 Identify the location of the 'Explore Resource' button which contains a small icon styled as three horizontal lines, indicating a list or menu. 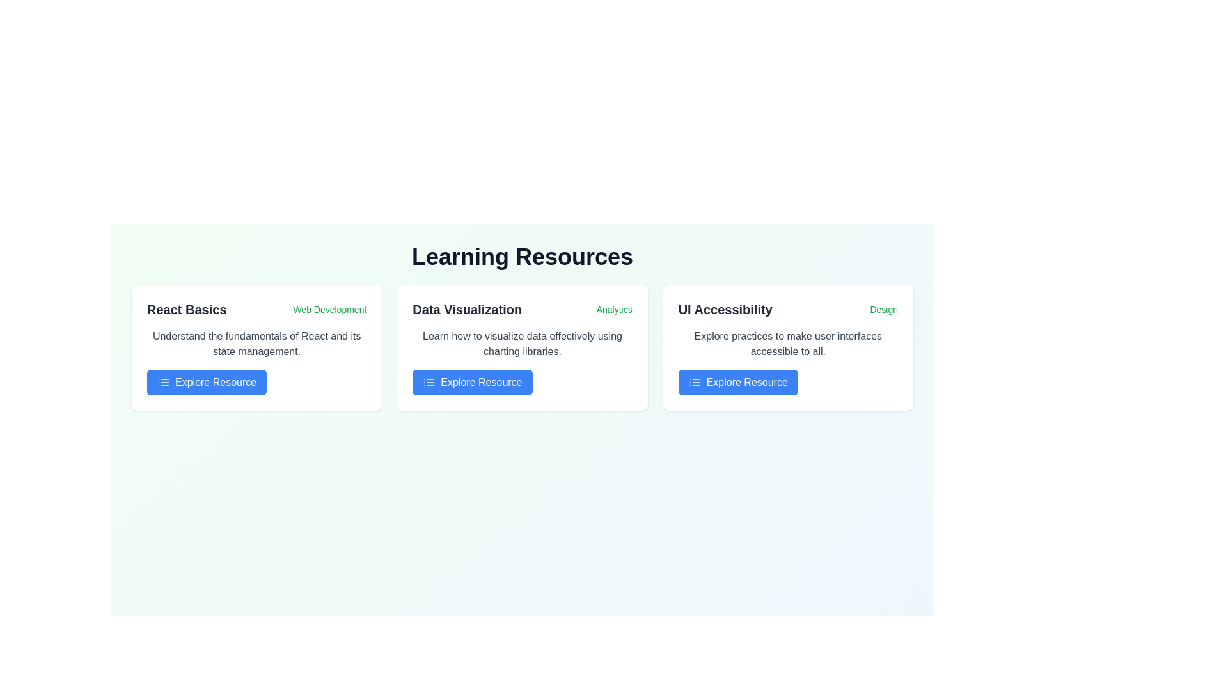
(162, 381).